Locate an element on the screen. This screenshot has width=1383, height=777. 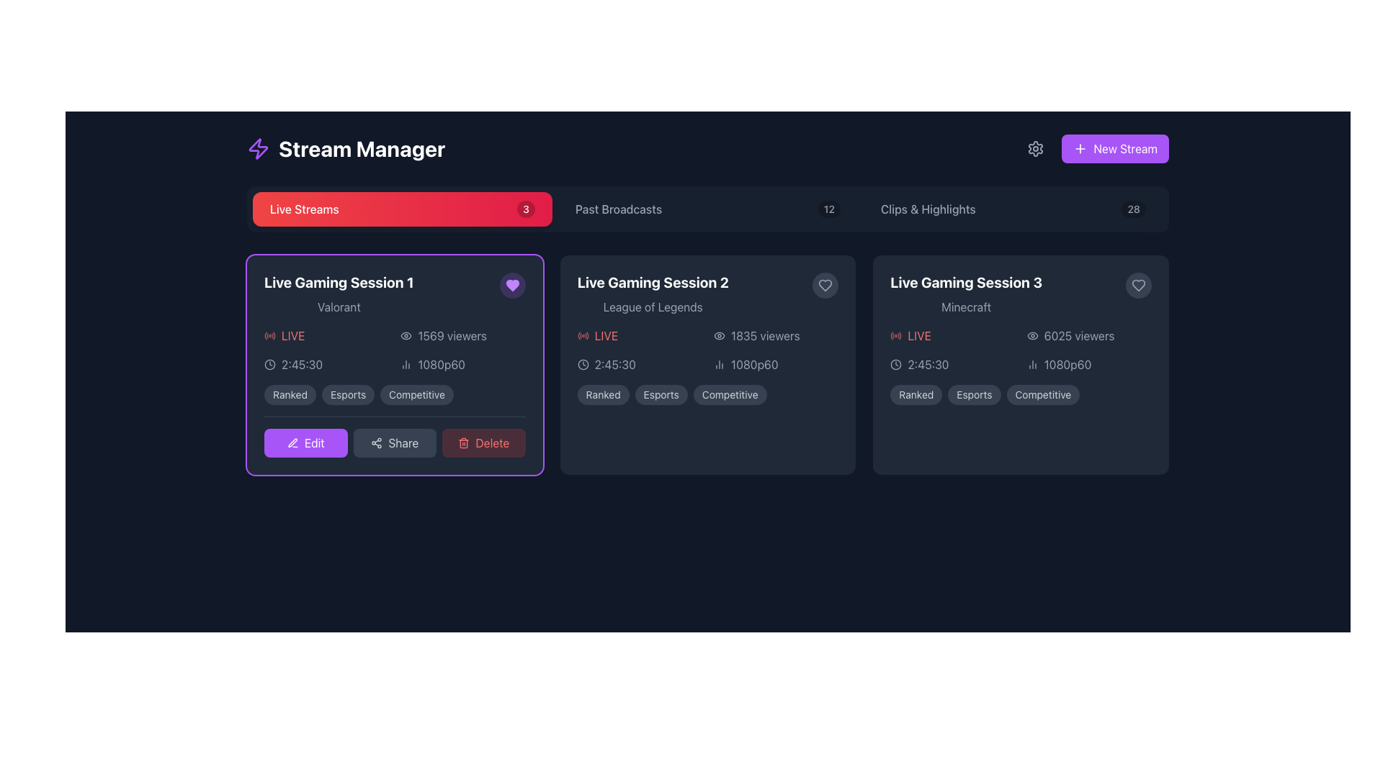
the favorite or like toggle button located in the top-right corner of the 'Live Gaming Session 3' card to visualize the hover effect is located at coordinates (1137, 286).